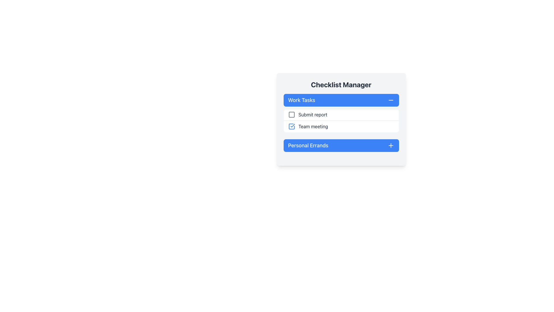 The height and width of the screenshot is (312, 554). Describe the element at coordinates (291, 115) in the screenshot. I see `the minimalistic square-shaped icon with thin strokes and a light gray color located in the 'Work Tasks' section, next to the 'Submit report' text` at that location.